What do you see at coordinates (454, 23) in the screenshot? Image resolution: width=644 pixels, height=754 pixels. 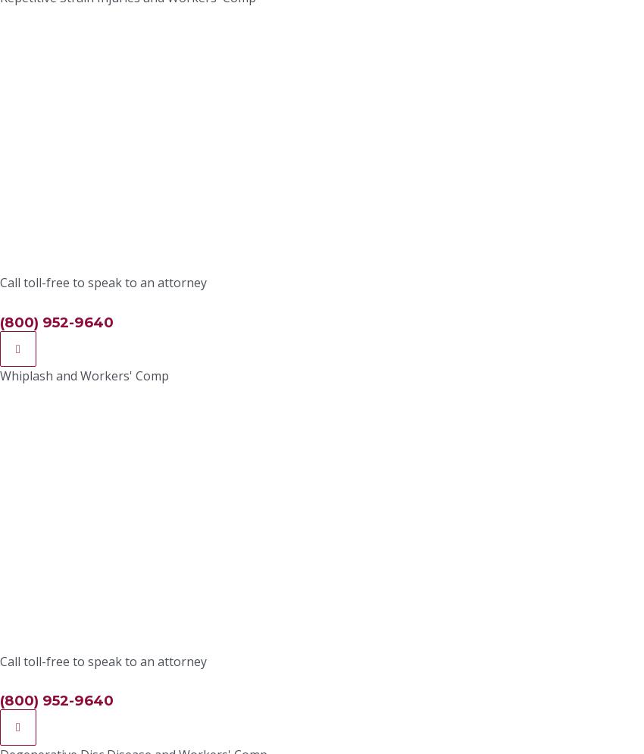 I see `'Workers’ Compensation Foot Injury Settlements and Benefits'` at bounding box center [454, 23].